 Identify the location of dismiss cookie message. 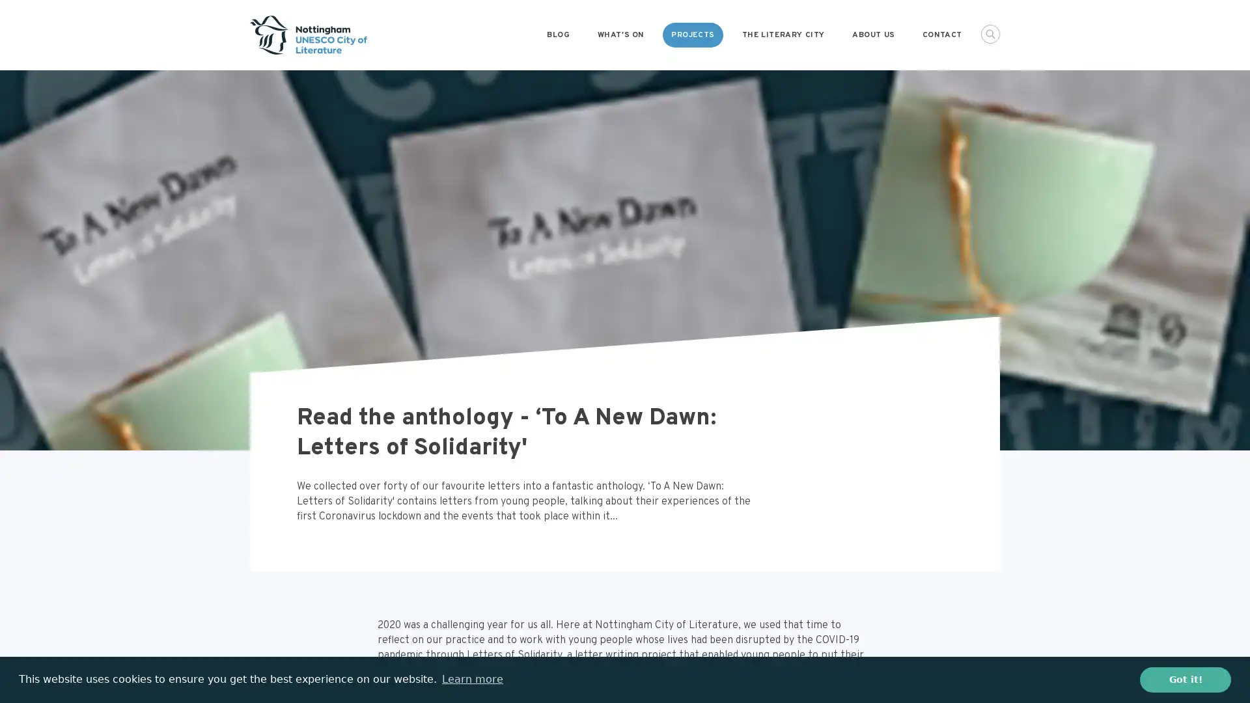
(1185, 679).